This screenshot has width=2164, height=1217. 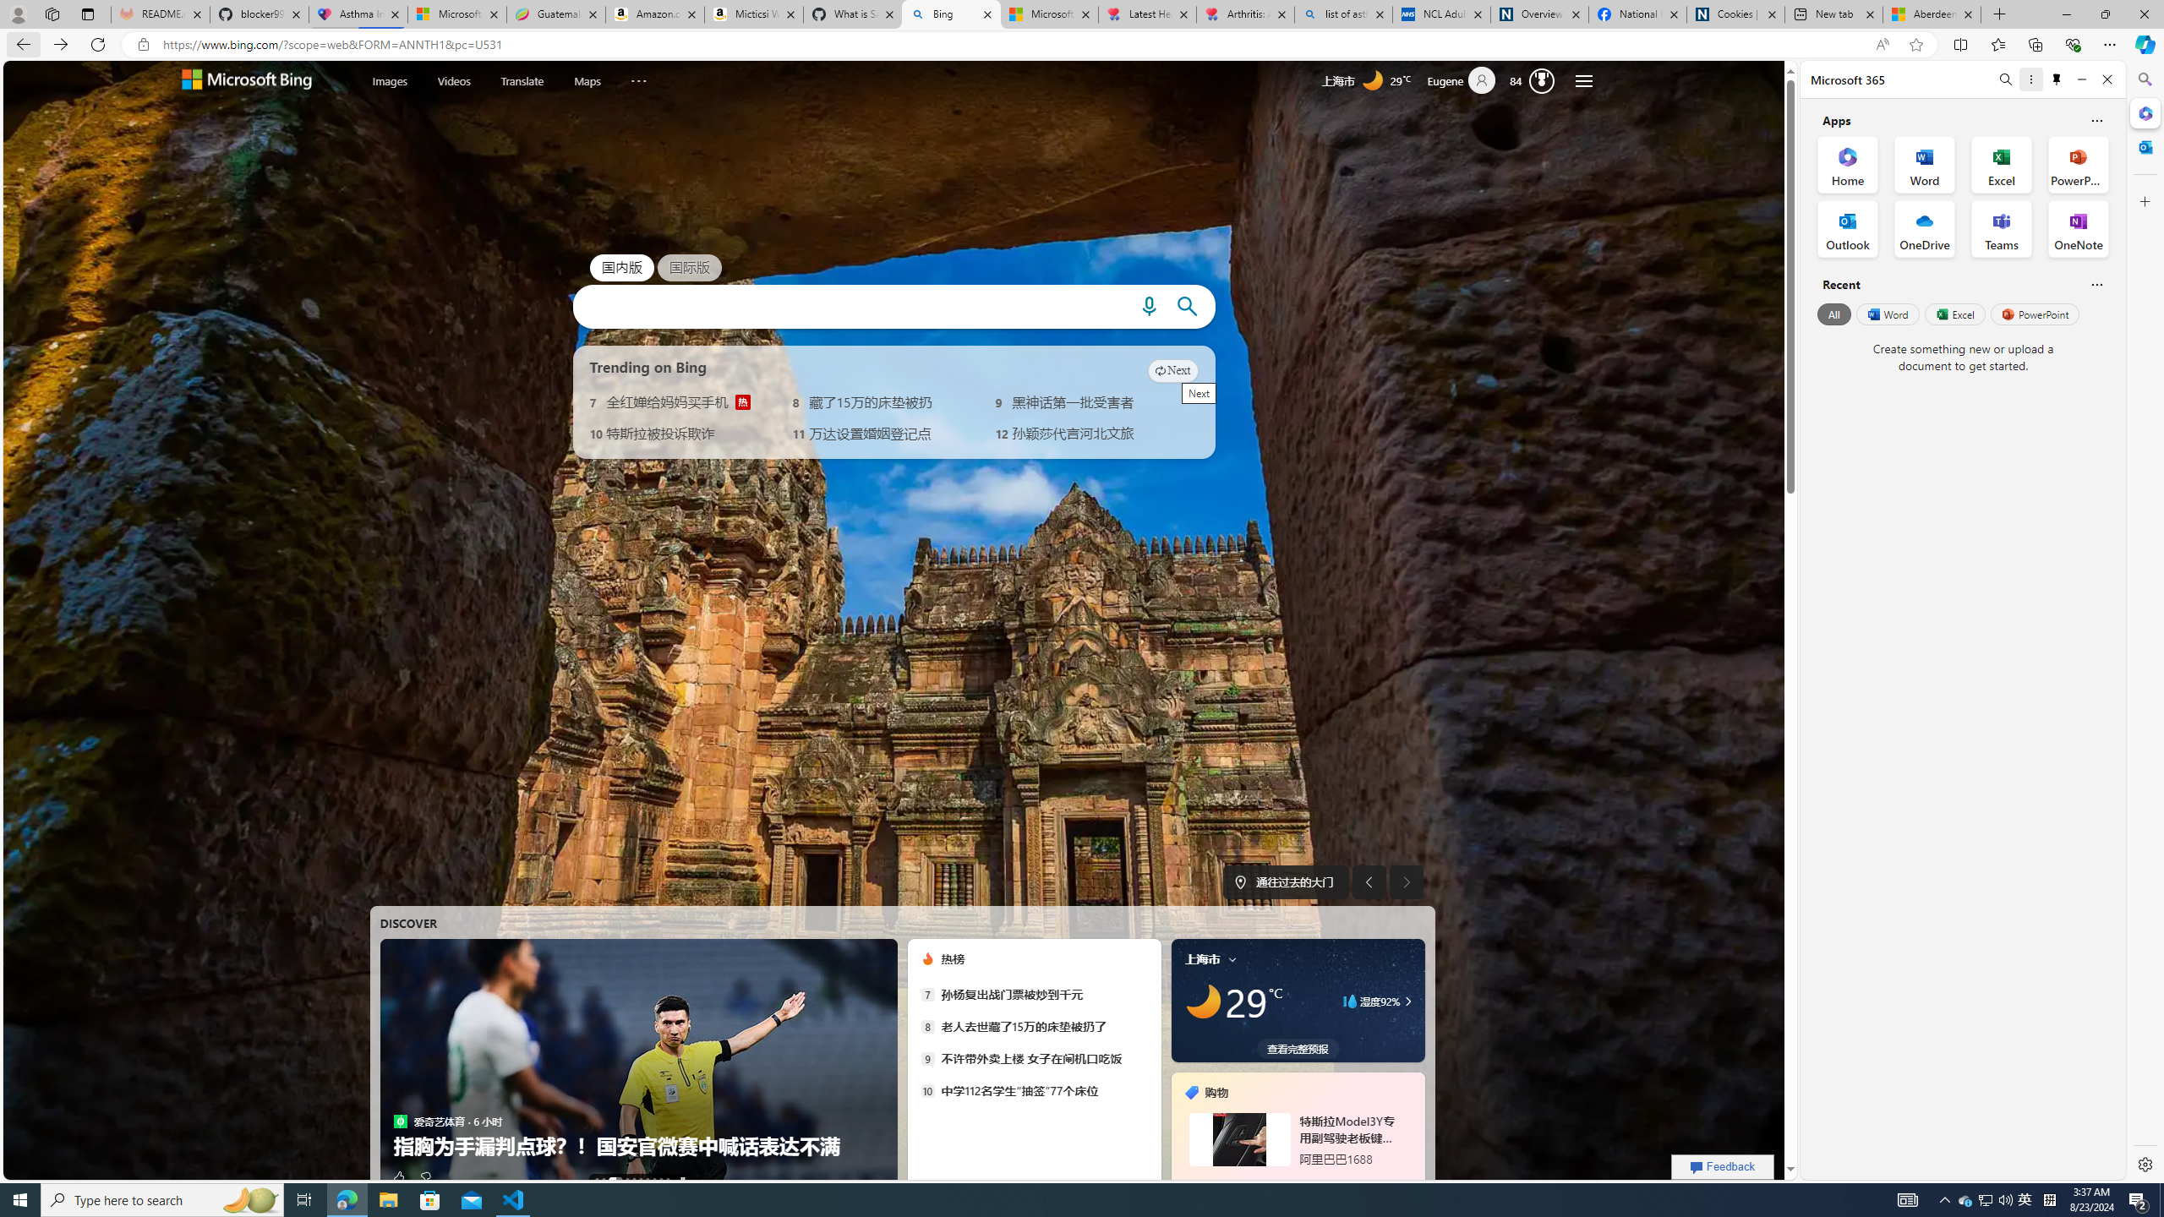 I want to click on 'Trending on Bing', so click(x=648, y=366).